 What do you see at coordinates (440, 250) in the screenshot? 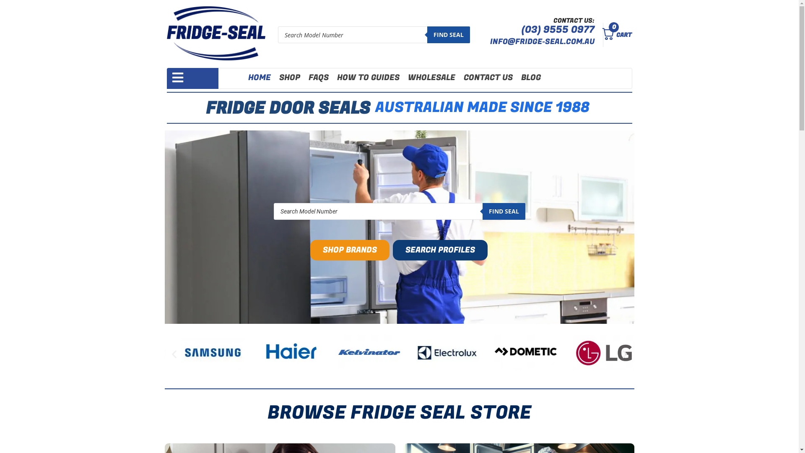
I see `'SEARCH PROFILES'` at bounding box center [440, 250].